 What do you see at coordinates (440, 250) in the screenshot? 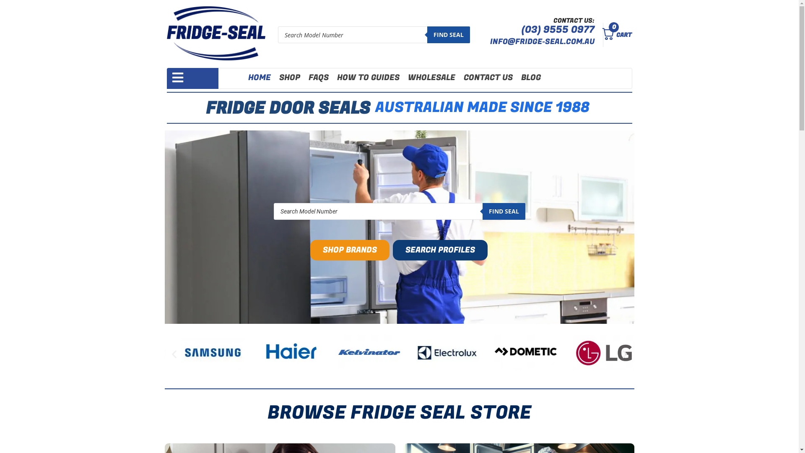
I see `'SEARCH PROFILES'` at bounding box center [440, 250].